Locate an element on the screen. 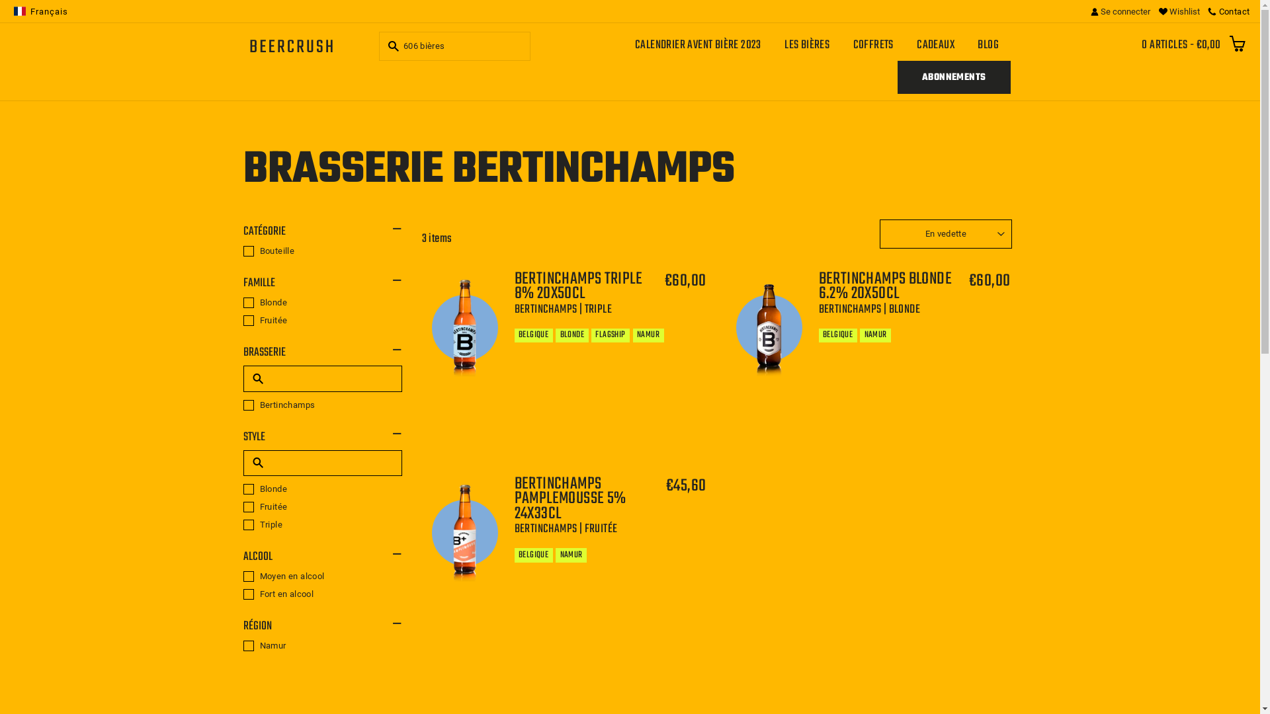 This screenshot has width=1270, height=714. 'ALCOOL' is located at coordinates (323, 557).